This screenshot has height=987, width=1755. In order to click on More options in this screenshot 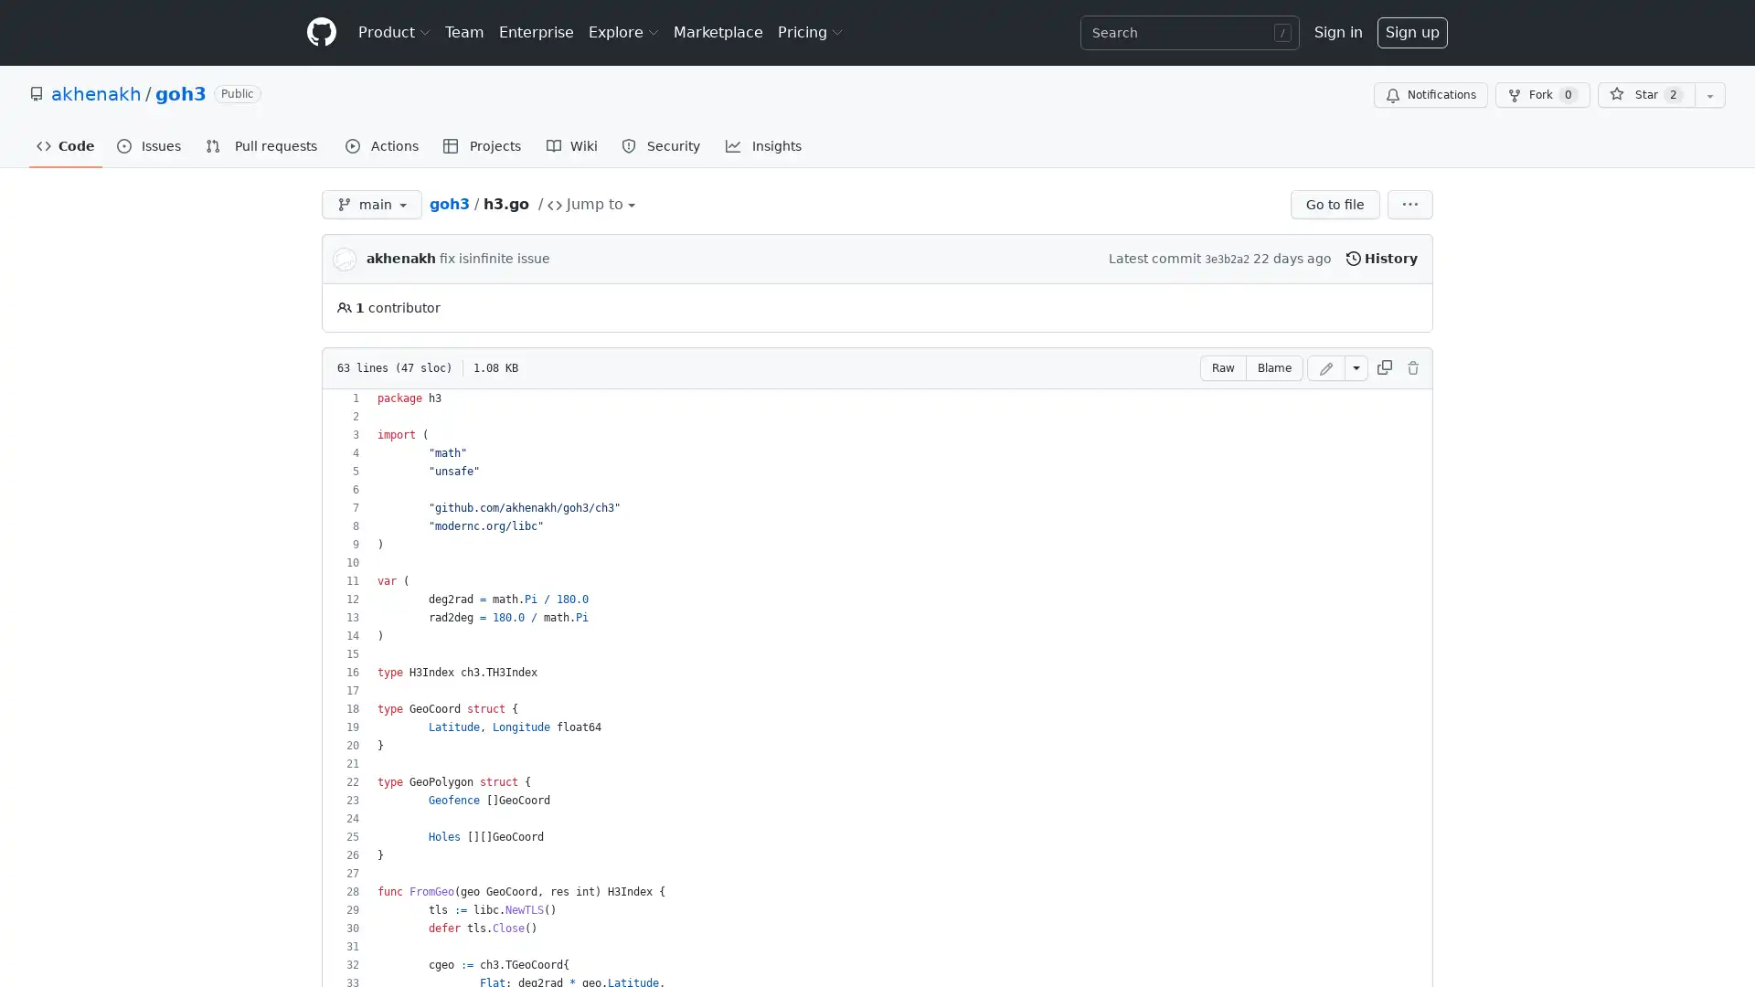, I will do `click(1409, 204)`.